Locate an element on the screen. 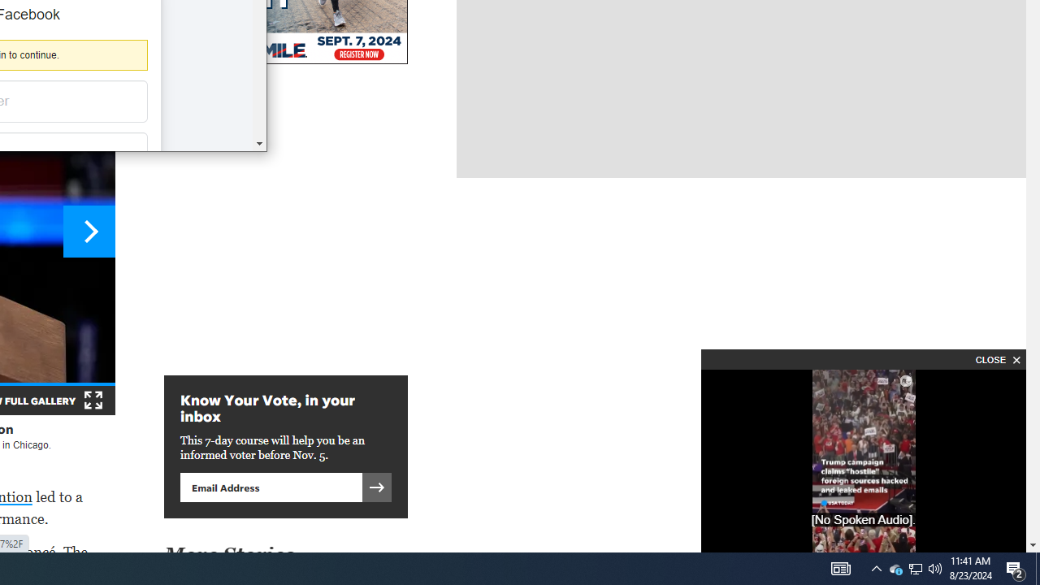 Image resolution: width=1040 pixels, height=585 pixels. 'Action Center, 2 new notifications' is located at coordinates (1016, 567).